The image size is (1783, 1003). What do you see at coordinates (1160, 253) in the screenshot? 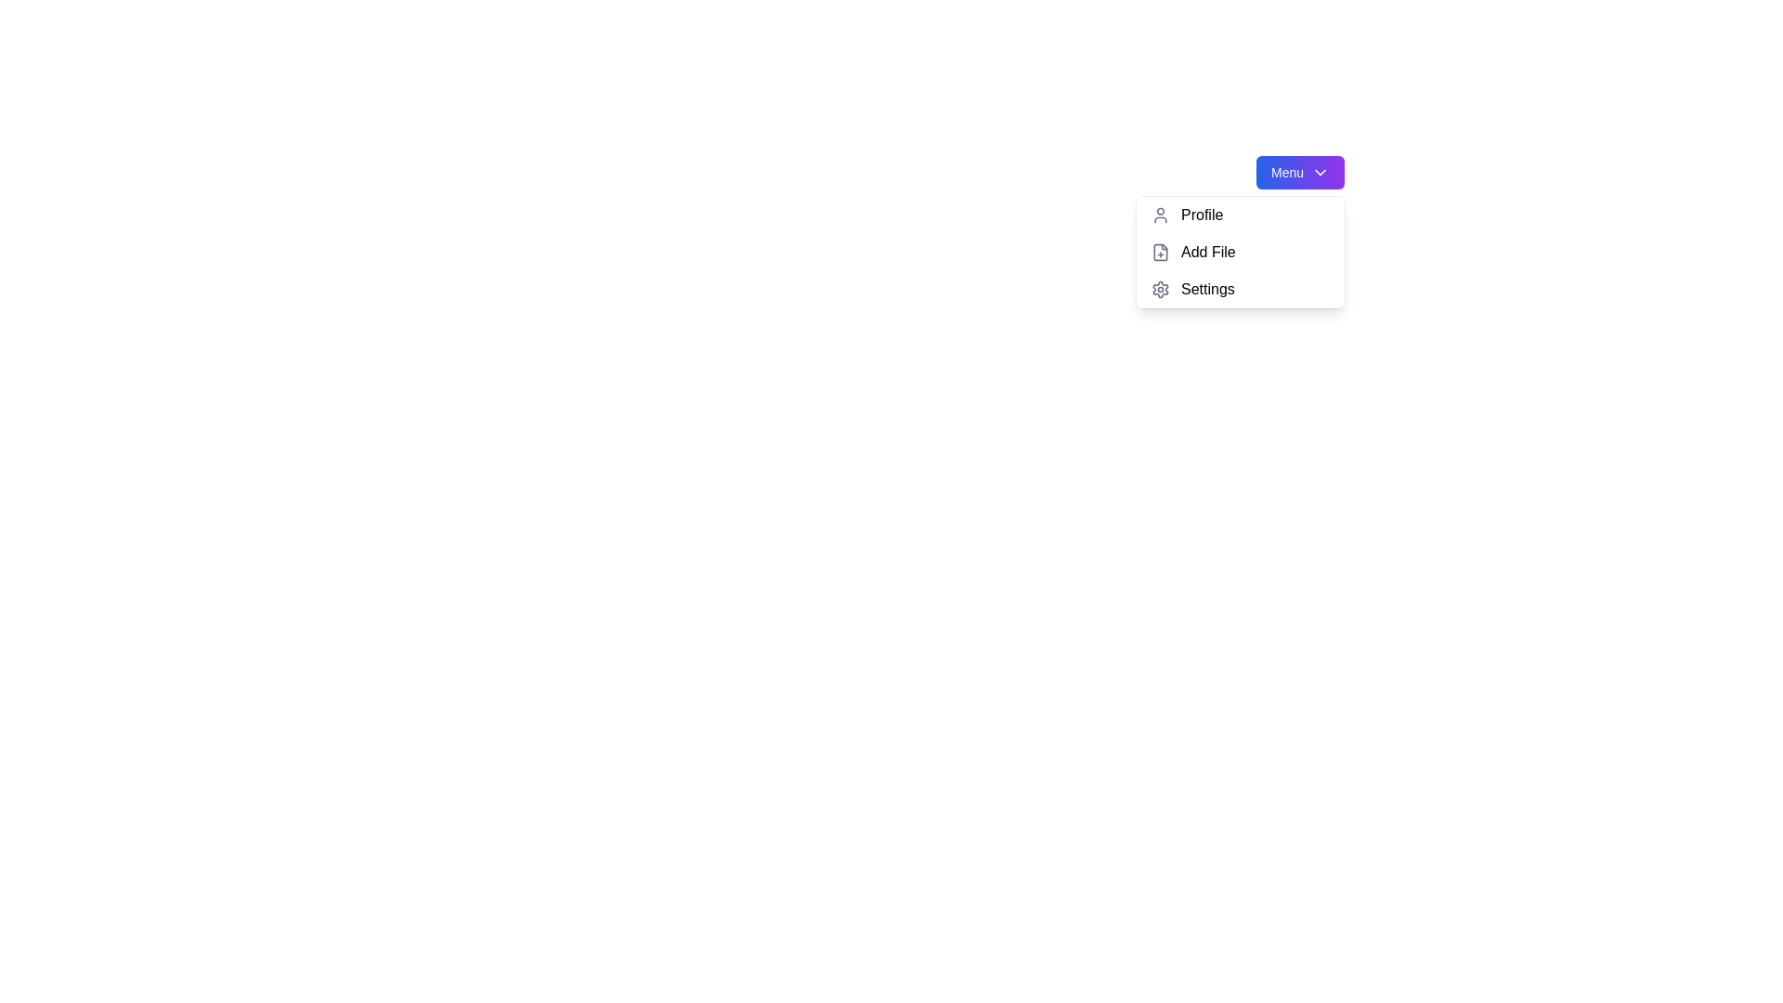
I see `the 'file addition' icon within the second option of the dropdown menu titled 'Menu' with a purple background, located on the right side of the interface` at bounding box center [1160, 253].